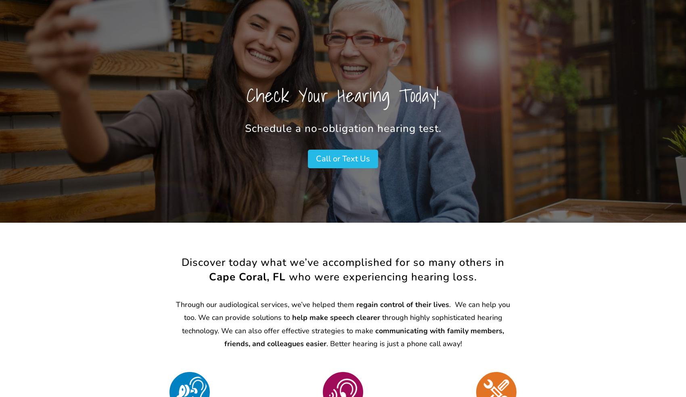 This screenshot has width=686, height=397. What do you see at coordinates (224, 336) in the screenshot?
I see `'communicating with family members, friends, and colleagues easier'` at bounding box center [224, 336].